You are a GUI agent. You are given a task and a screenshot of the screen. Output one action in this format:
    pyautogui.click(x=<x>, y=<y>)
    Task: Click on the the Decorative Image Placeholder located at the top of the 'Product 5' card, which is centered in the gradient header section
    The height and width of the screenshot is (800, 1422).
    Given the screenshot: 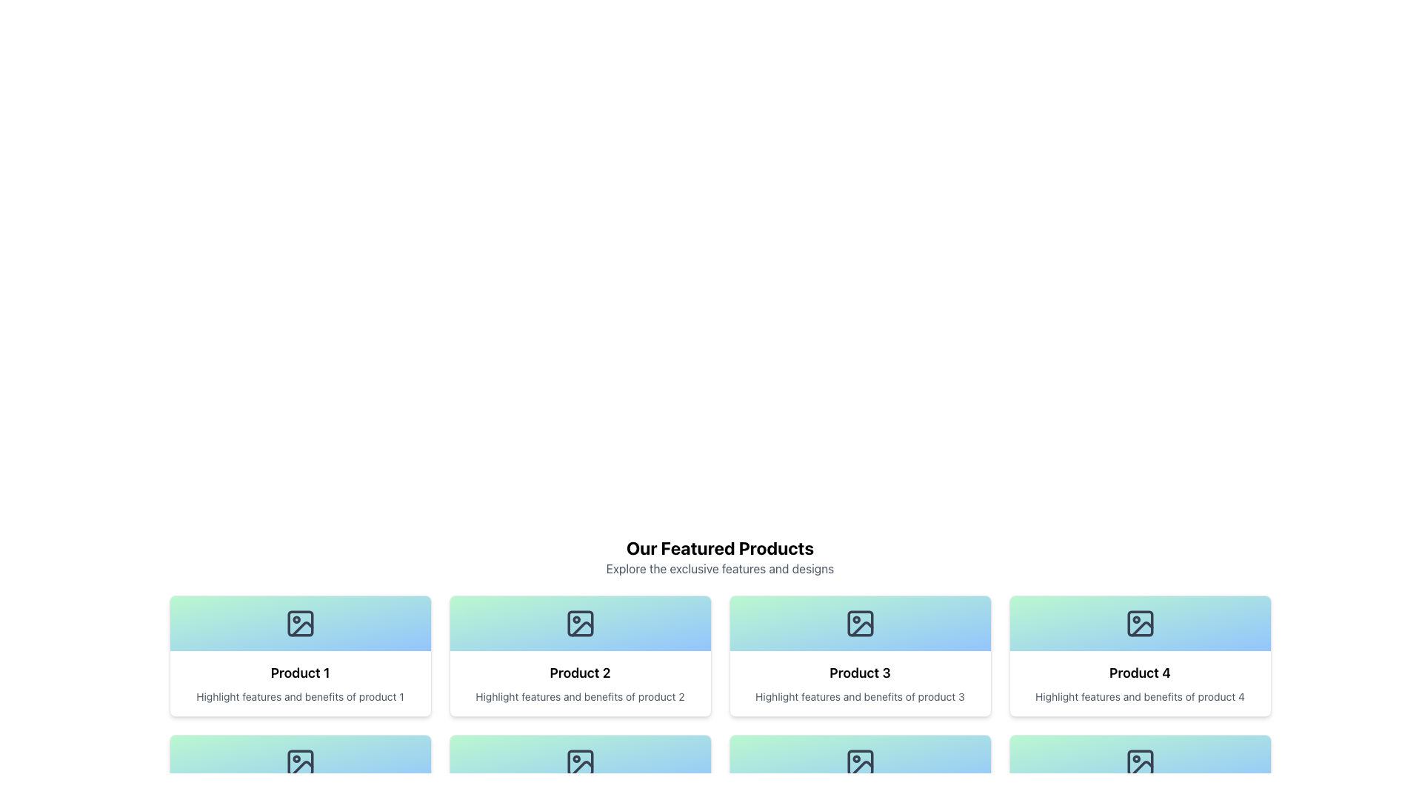 What is the action you would take?
    pyautogui.click(x=299, y=762)
    